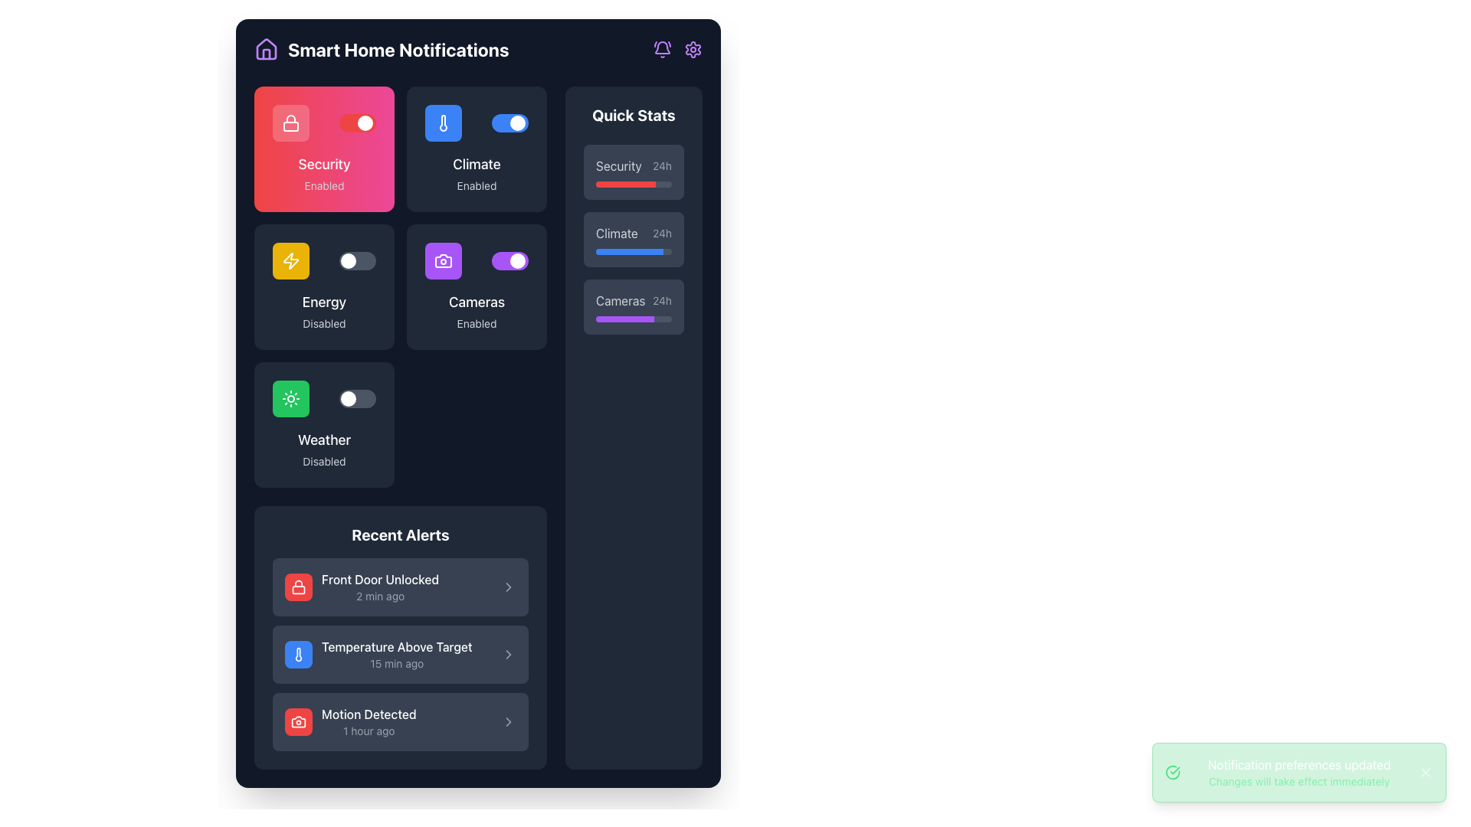  Describe the element at coordinates (401, 655) in the screenshot. I see `the second notification item in the 'Recent Alerts' section, which indicates a 'Temperature Above Target' alert` at that location.